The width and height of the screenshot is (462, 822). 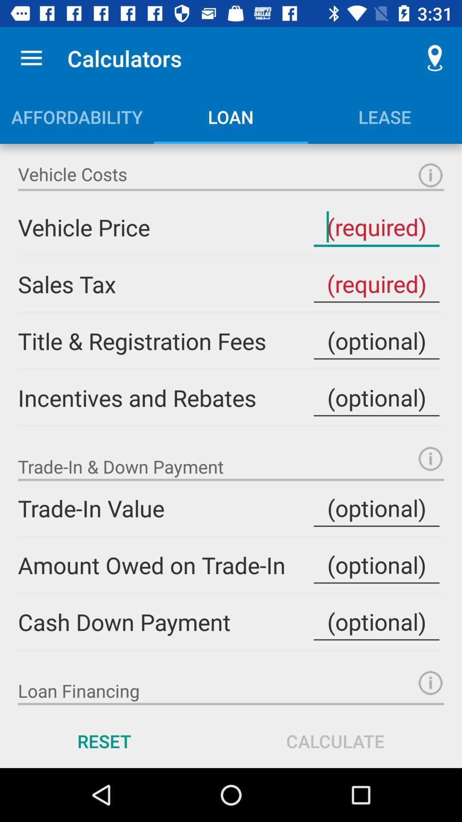 I want to click on vehicle price input, so click(x=430, y=175).